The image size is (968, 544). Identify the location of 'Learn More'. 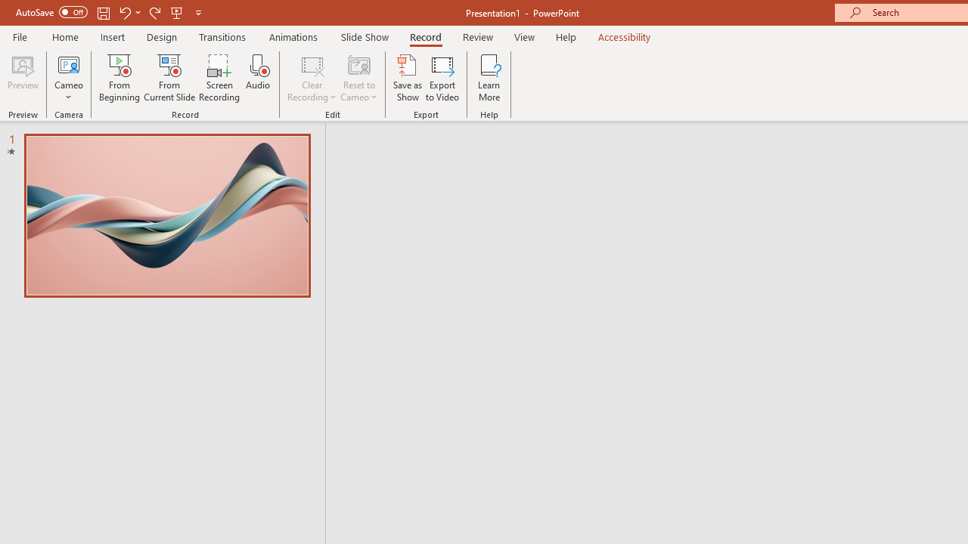
(489, 78).